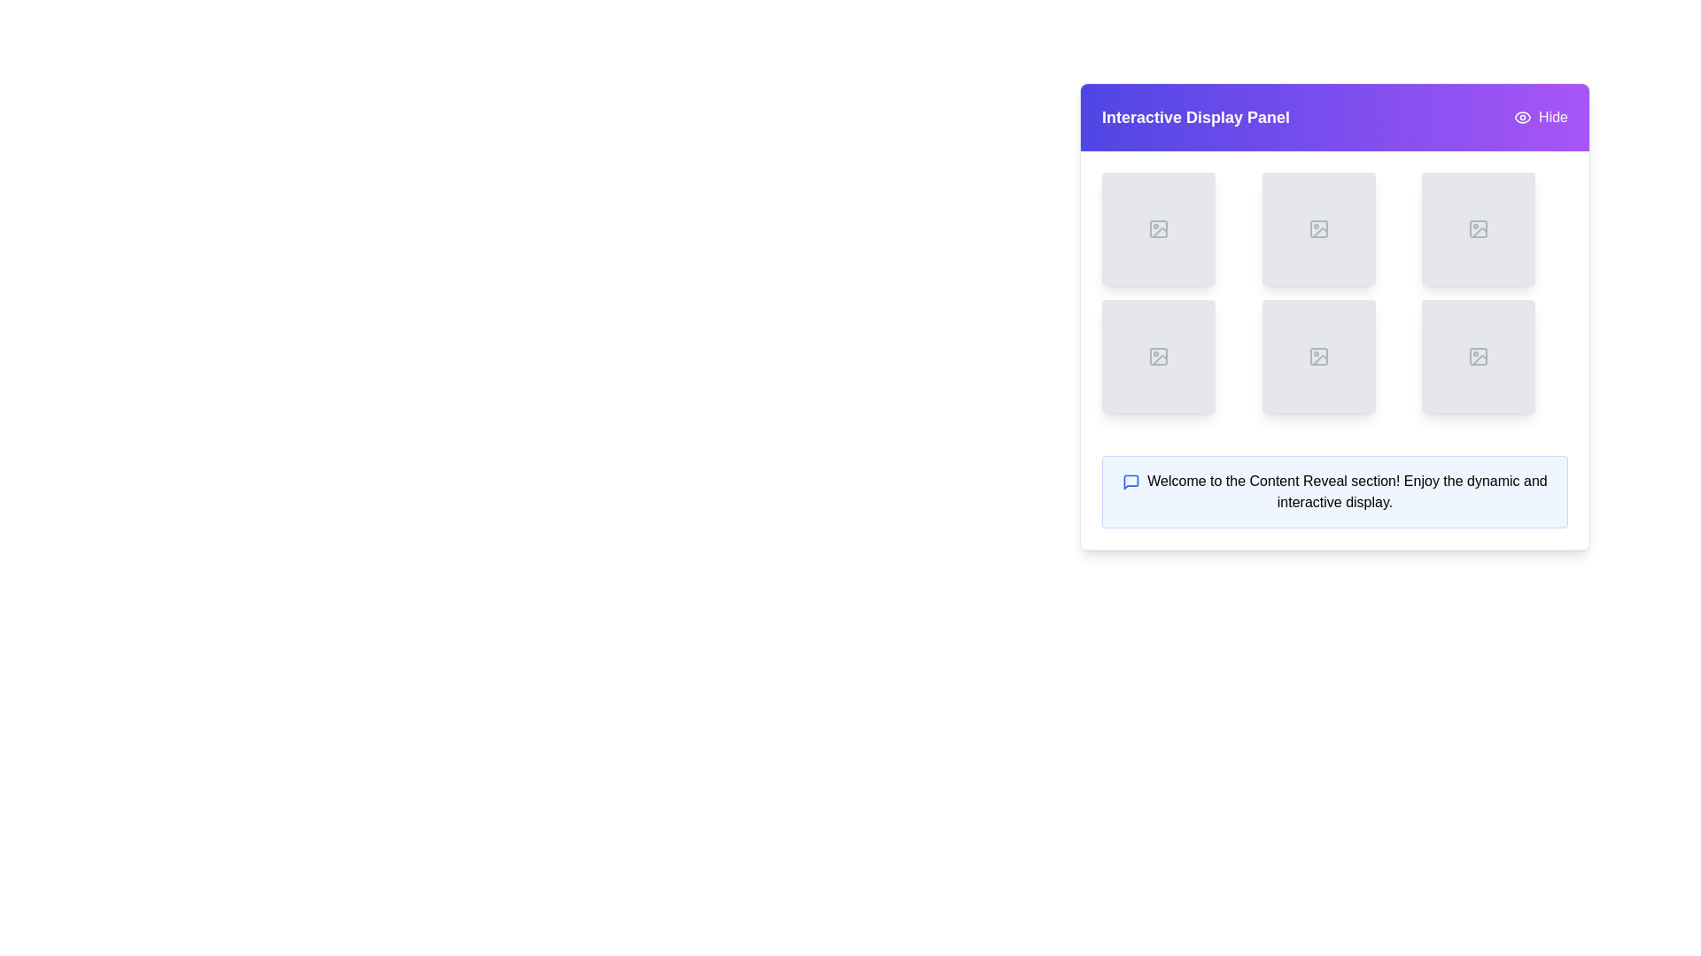 The height and width of the screenshot is (956, 1701). Describe the element at coordinates (1159, 356) in the screenshot. I see `the rectangular icon with softly rounded corners in the second row, second column of the 2x3 grid layout within the 'Interactive Display Panel' section to interact` at that location.